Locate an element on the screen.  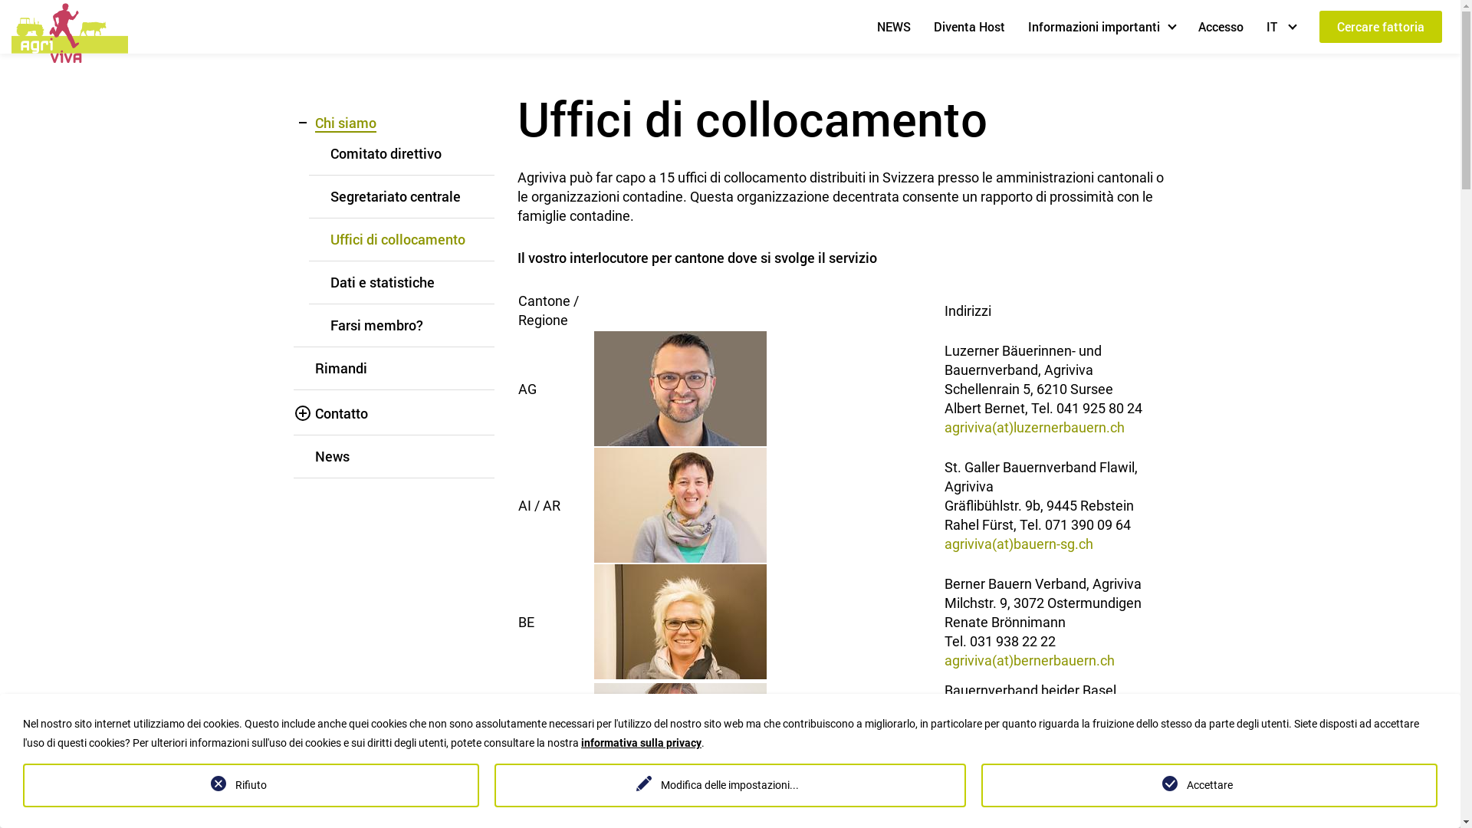
'Diventa Host' is located at coordinates (968, 26).